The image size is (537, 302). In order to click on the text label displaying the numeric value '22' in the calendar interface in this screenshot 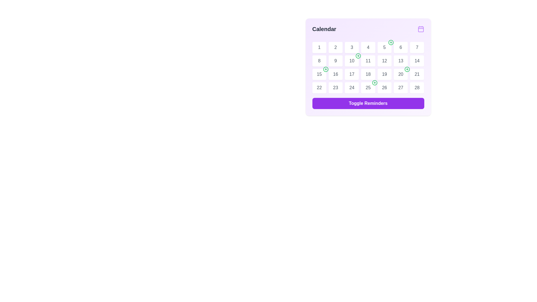, I will do `click(319, 88)`.